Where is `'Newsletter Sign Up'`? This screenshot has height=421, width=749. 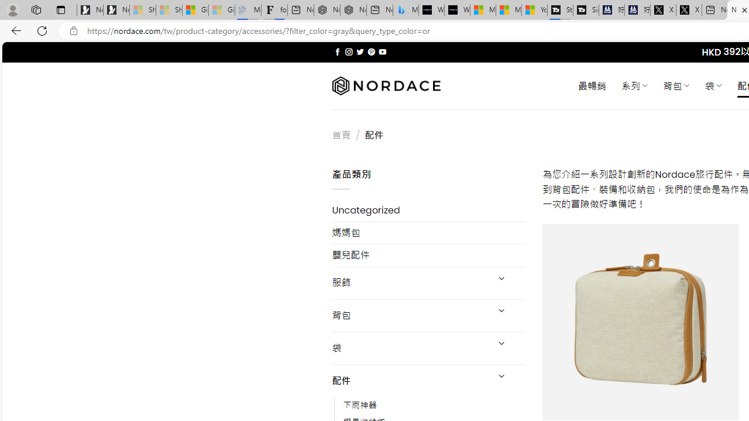 'Newsletter Sign Up' is located at coordinates (116, 10).